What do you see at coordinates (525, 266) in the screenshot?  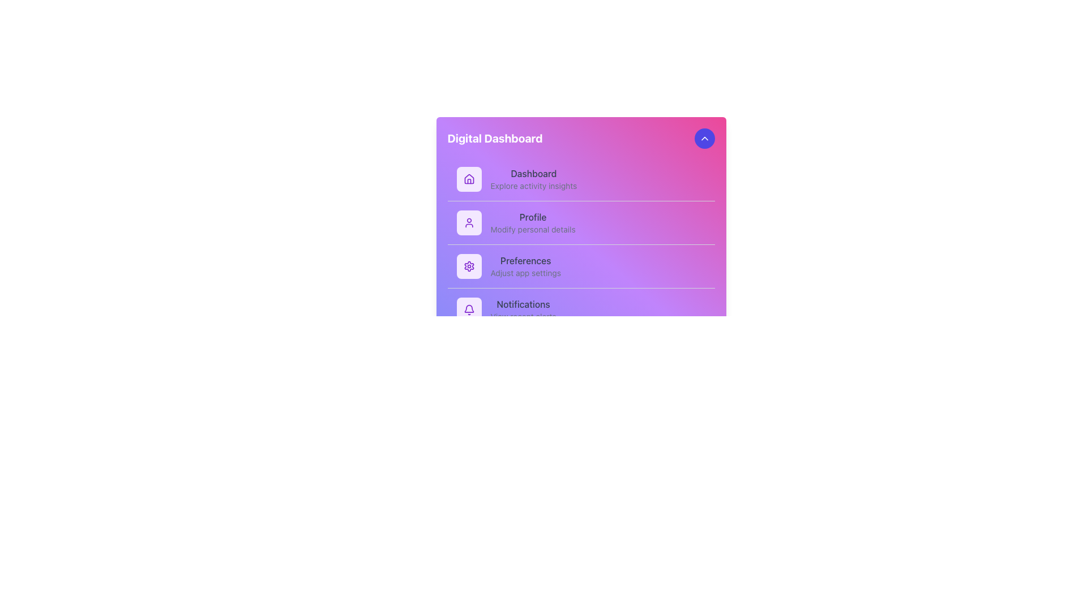 I see `the text content that informs the user about the settings adjustments, located in the third menu item of the navigation panel, which is between 'Profile' and 'Notifications'` at bounding box center [525, 266].